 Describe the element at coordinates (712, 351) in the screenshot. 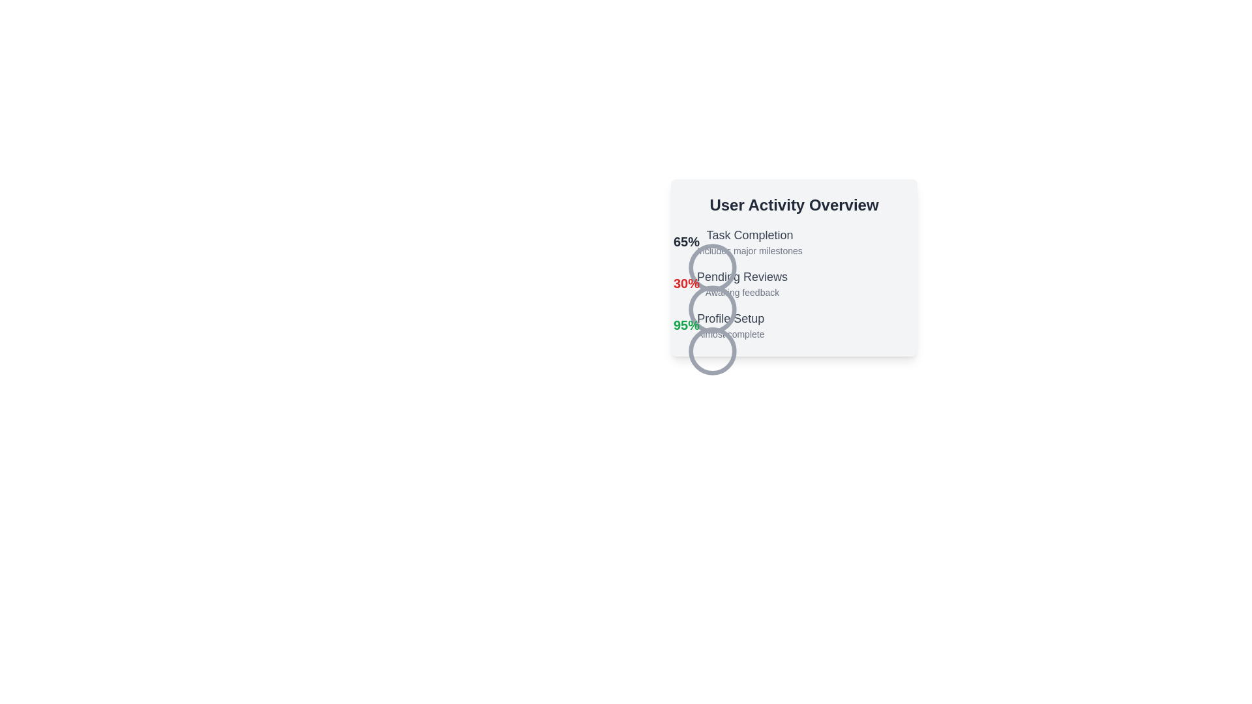

I see `the third circular visual indicator representing the 'Profile Setup' task in the 'User Activity Overview' section` at that location.